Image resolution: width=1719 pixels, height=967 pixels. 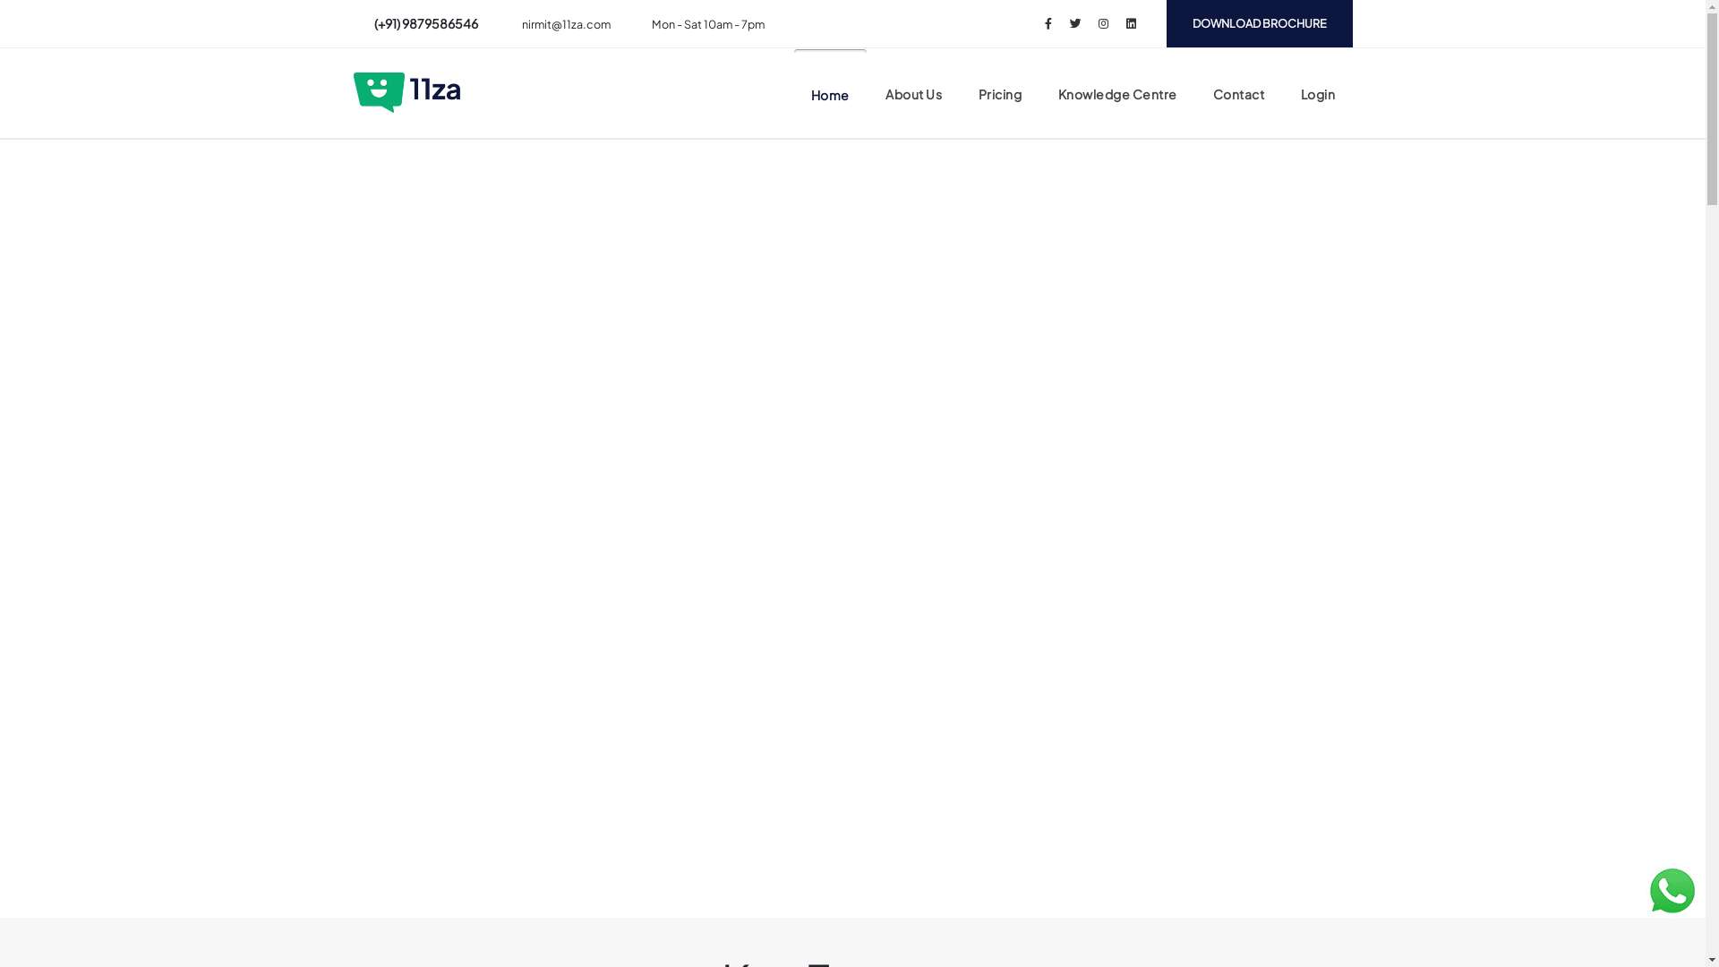 I want to click on 'nirmit@11za.com', so click(x=564, y=24).